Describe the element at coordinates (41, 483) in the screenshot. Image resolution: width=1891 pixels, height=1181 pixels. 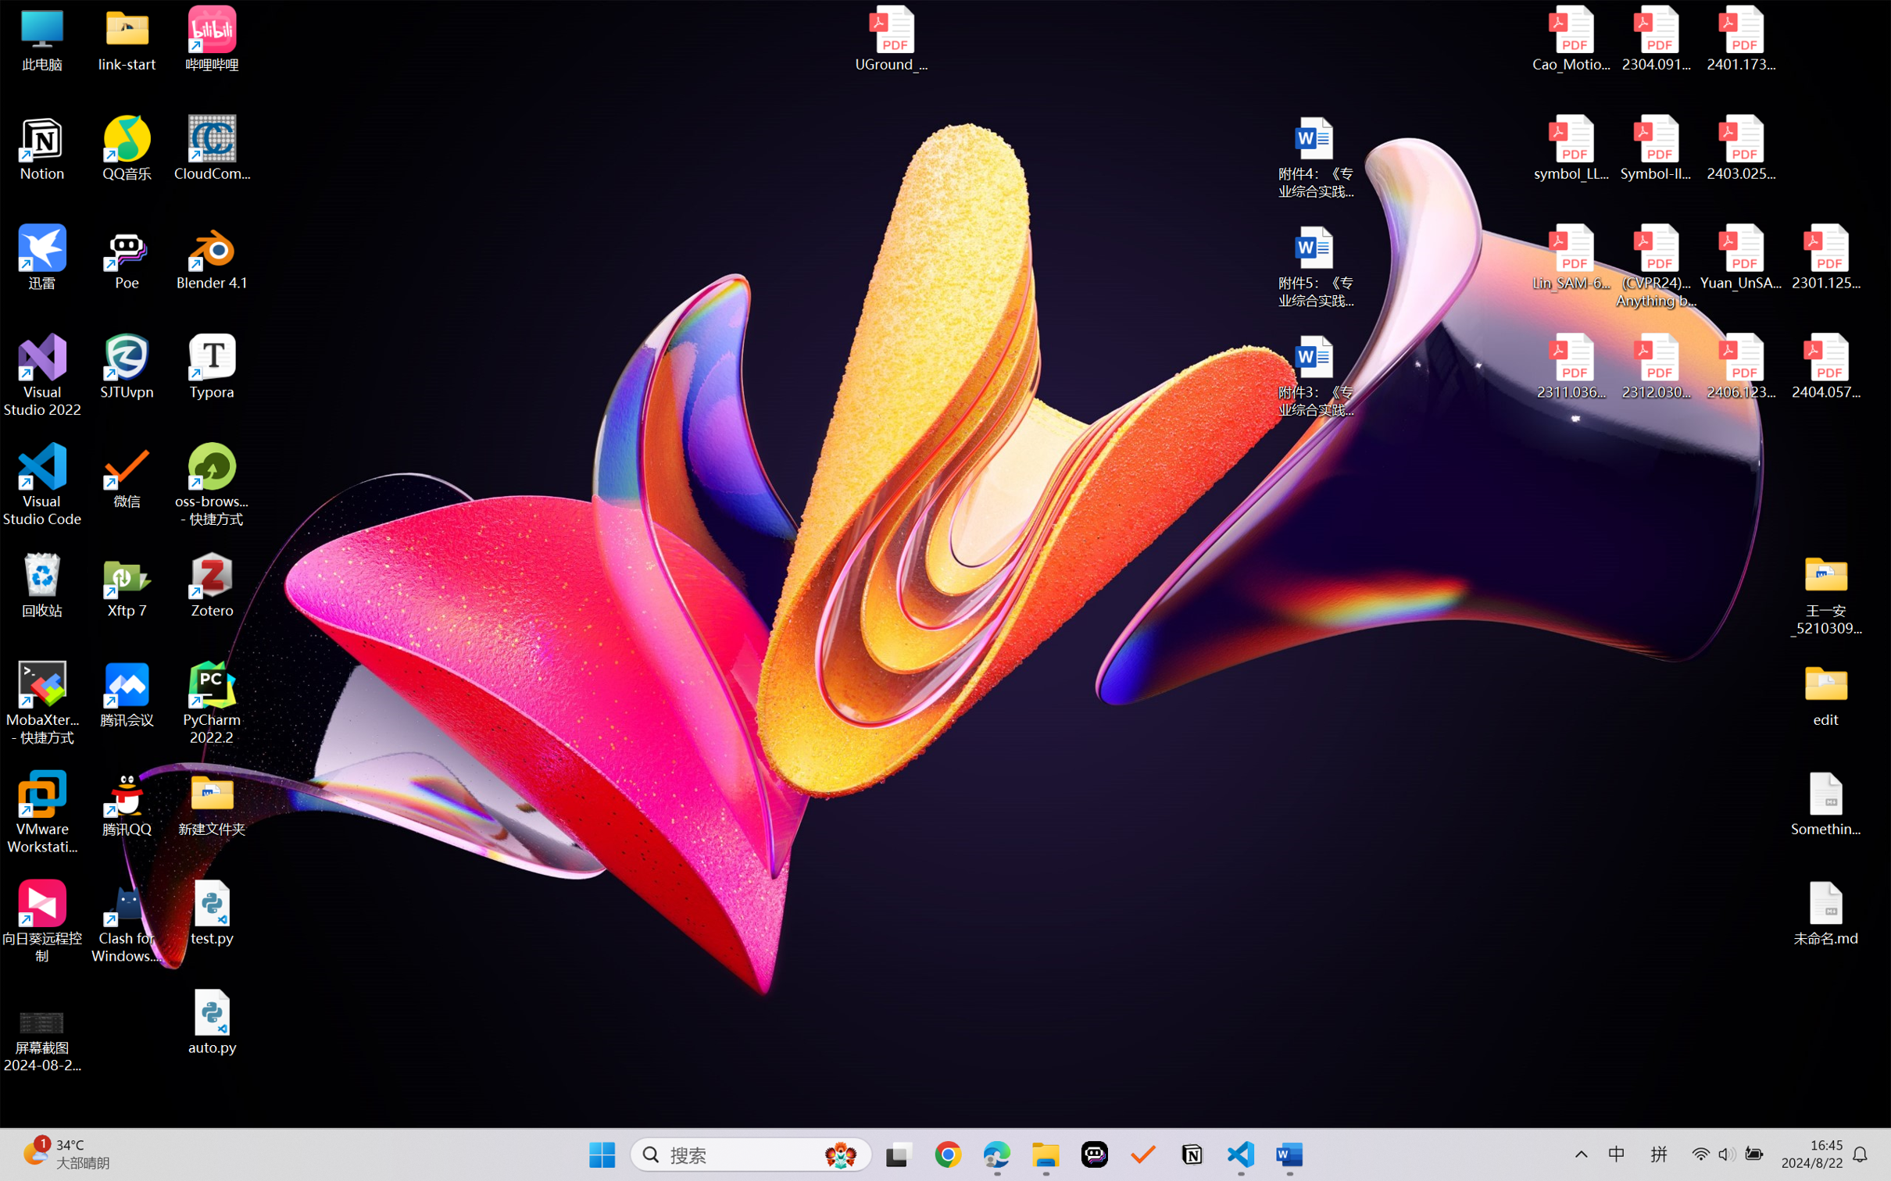
I see `'Visual Studio Code'` at that location.